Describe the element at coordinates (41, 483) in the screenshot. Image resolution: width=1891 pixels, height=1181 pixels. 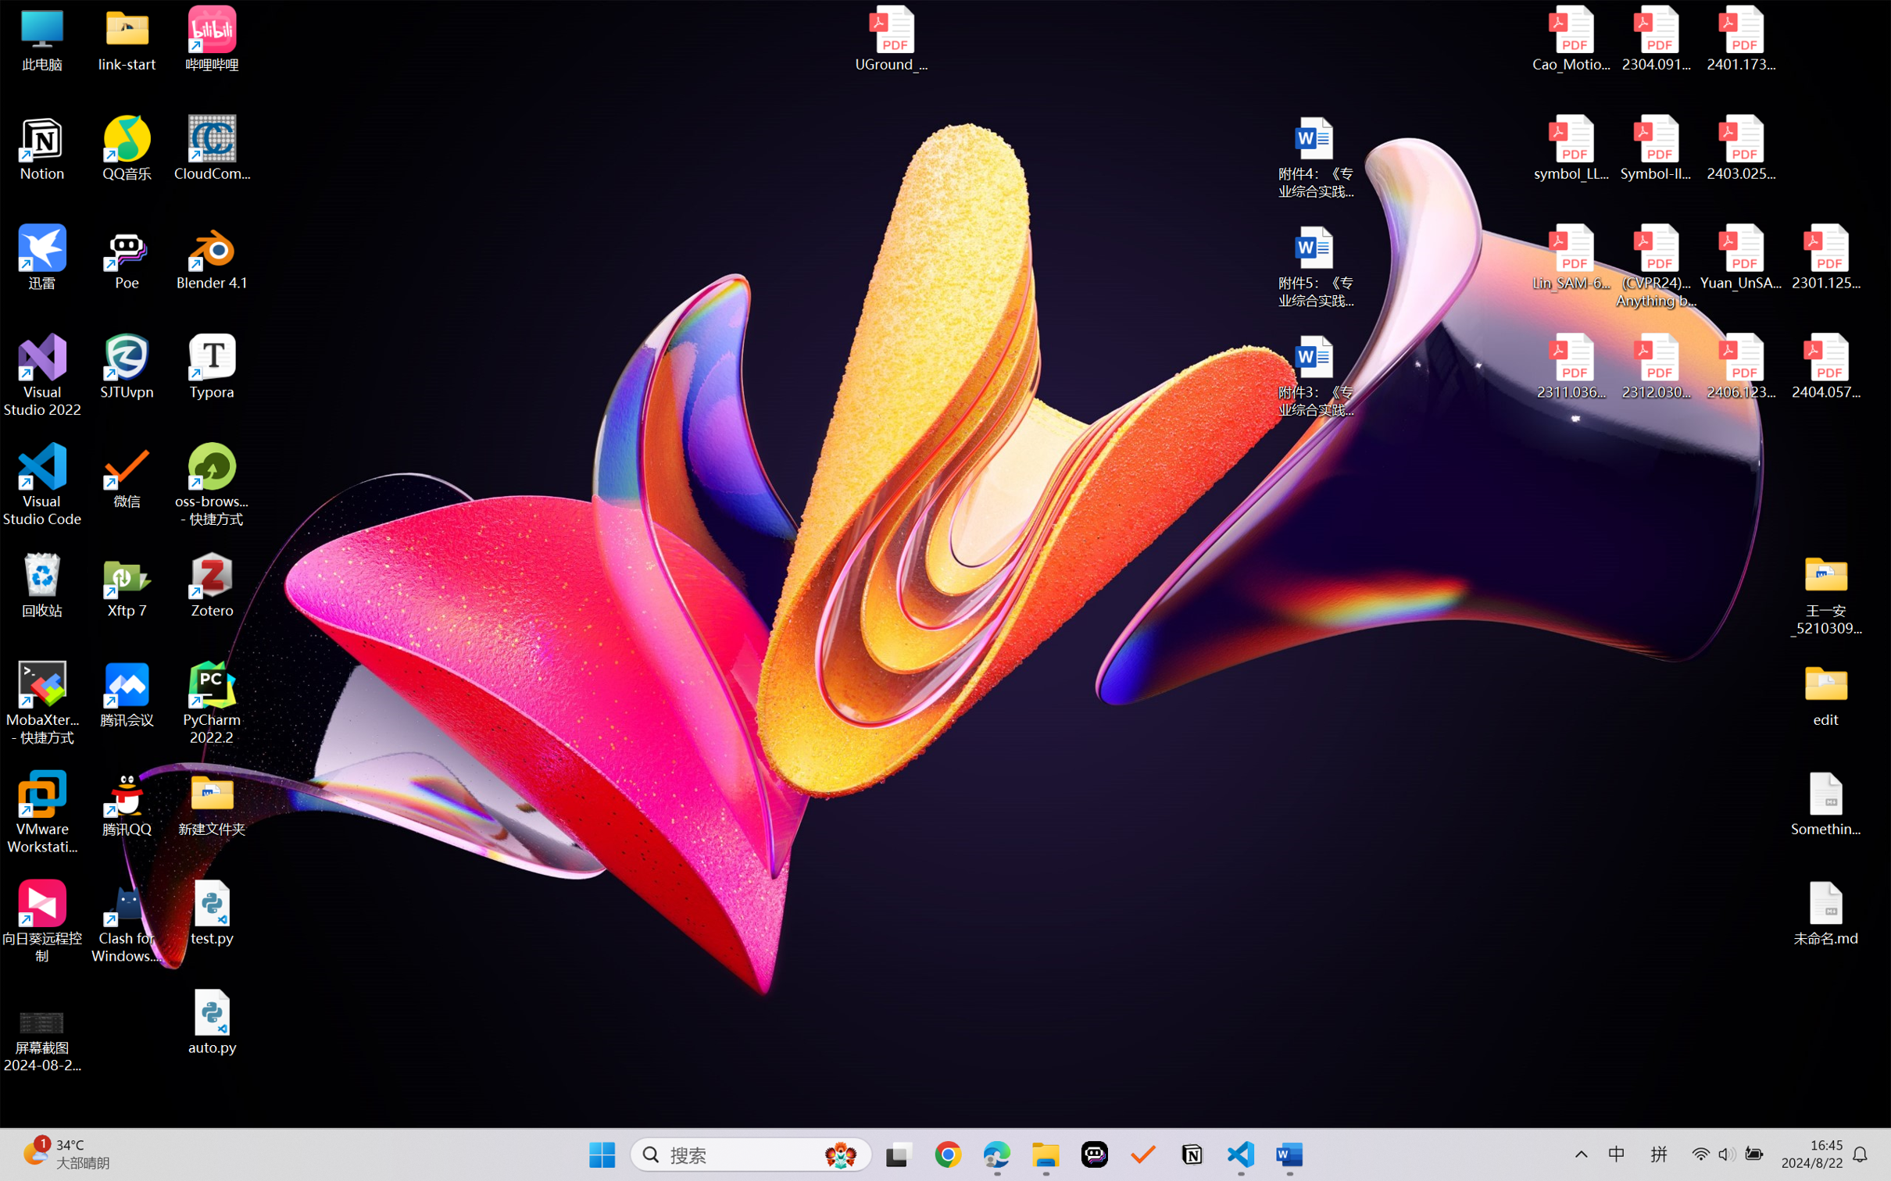
I see `'Visual Studio Code'` at that location.